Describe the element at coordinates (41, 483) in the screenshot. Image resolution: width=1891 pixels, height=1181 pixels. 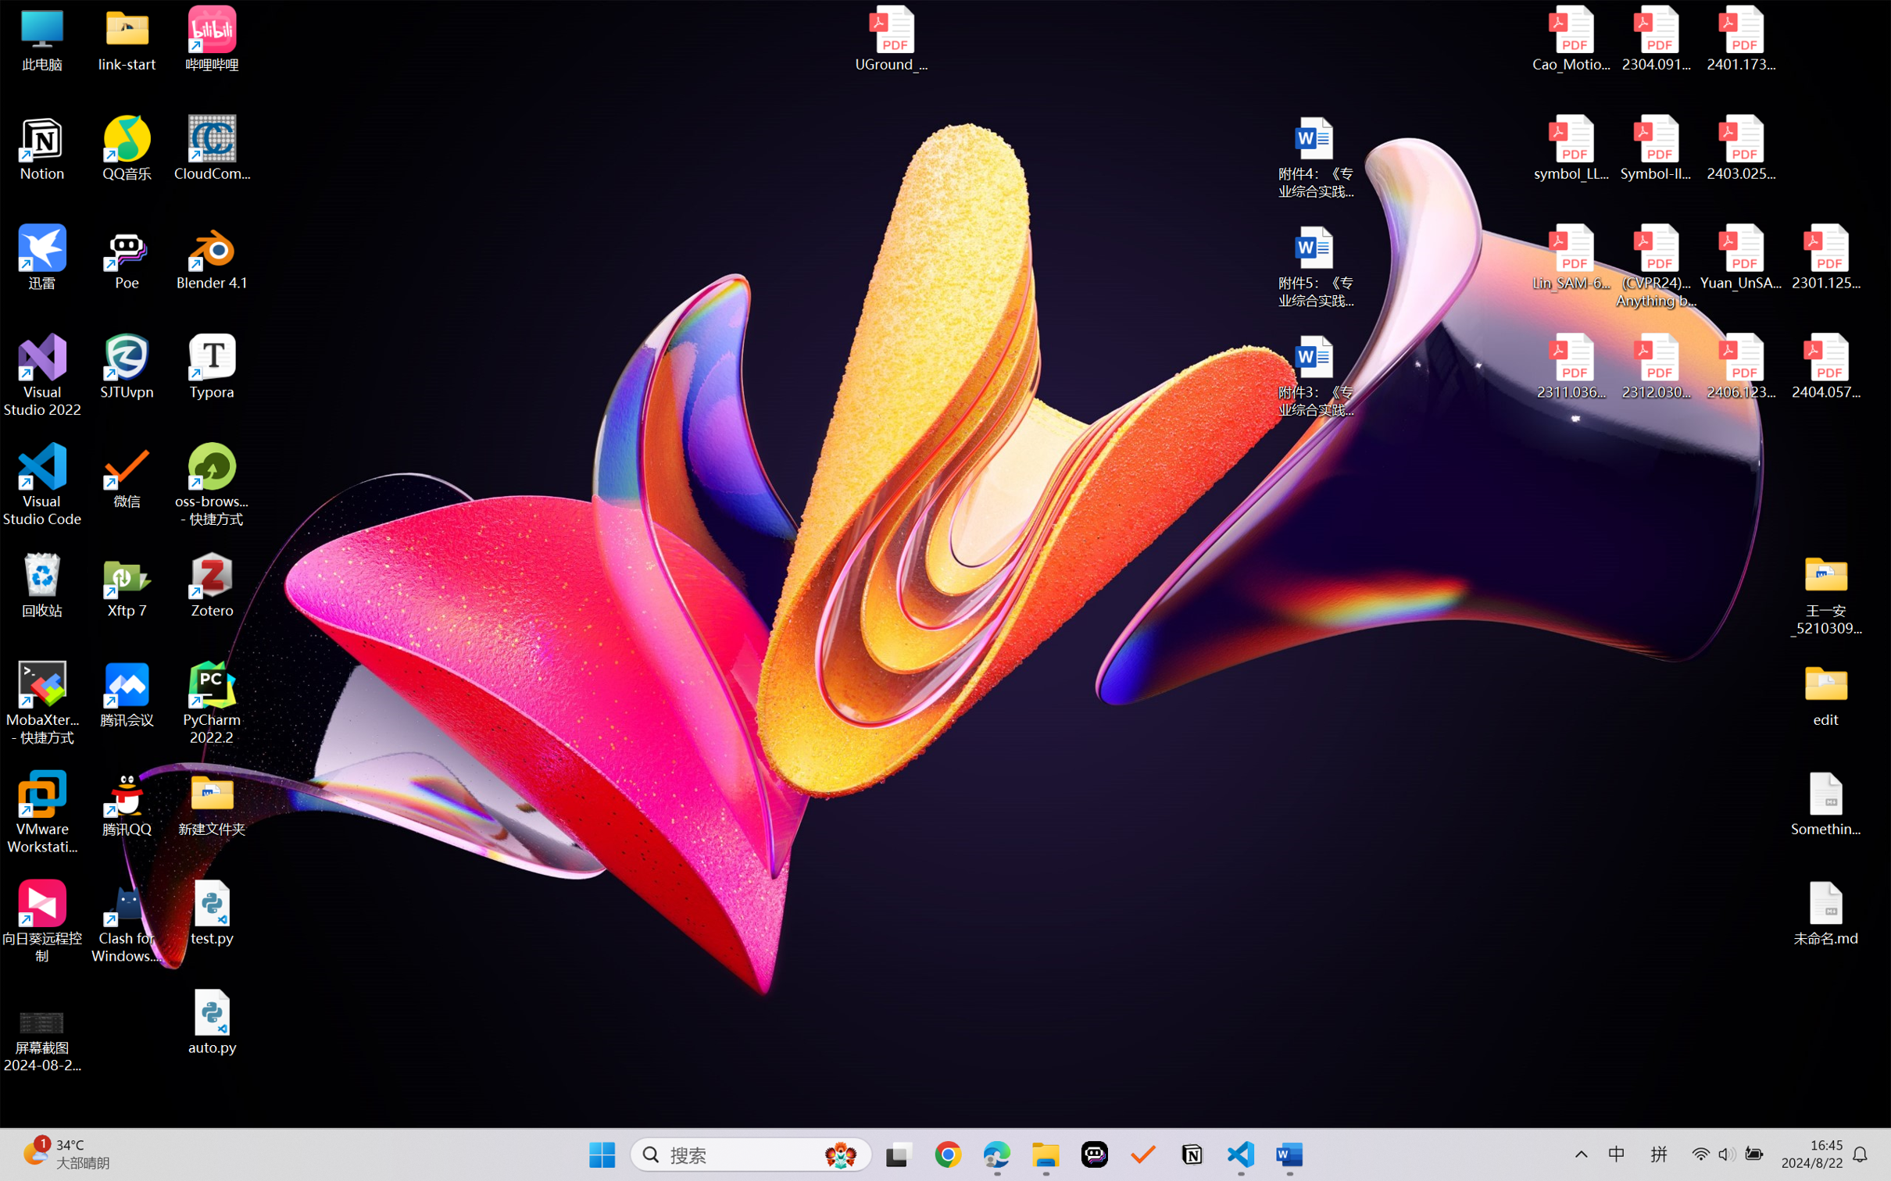
I see `'Visual Studio Code'` at that location.